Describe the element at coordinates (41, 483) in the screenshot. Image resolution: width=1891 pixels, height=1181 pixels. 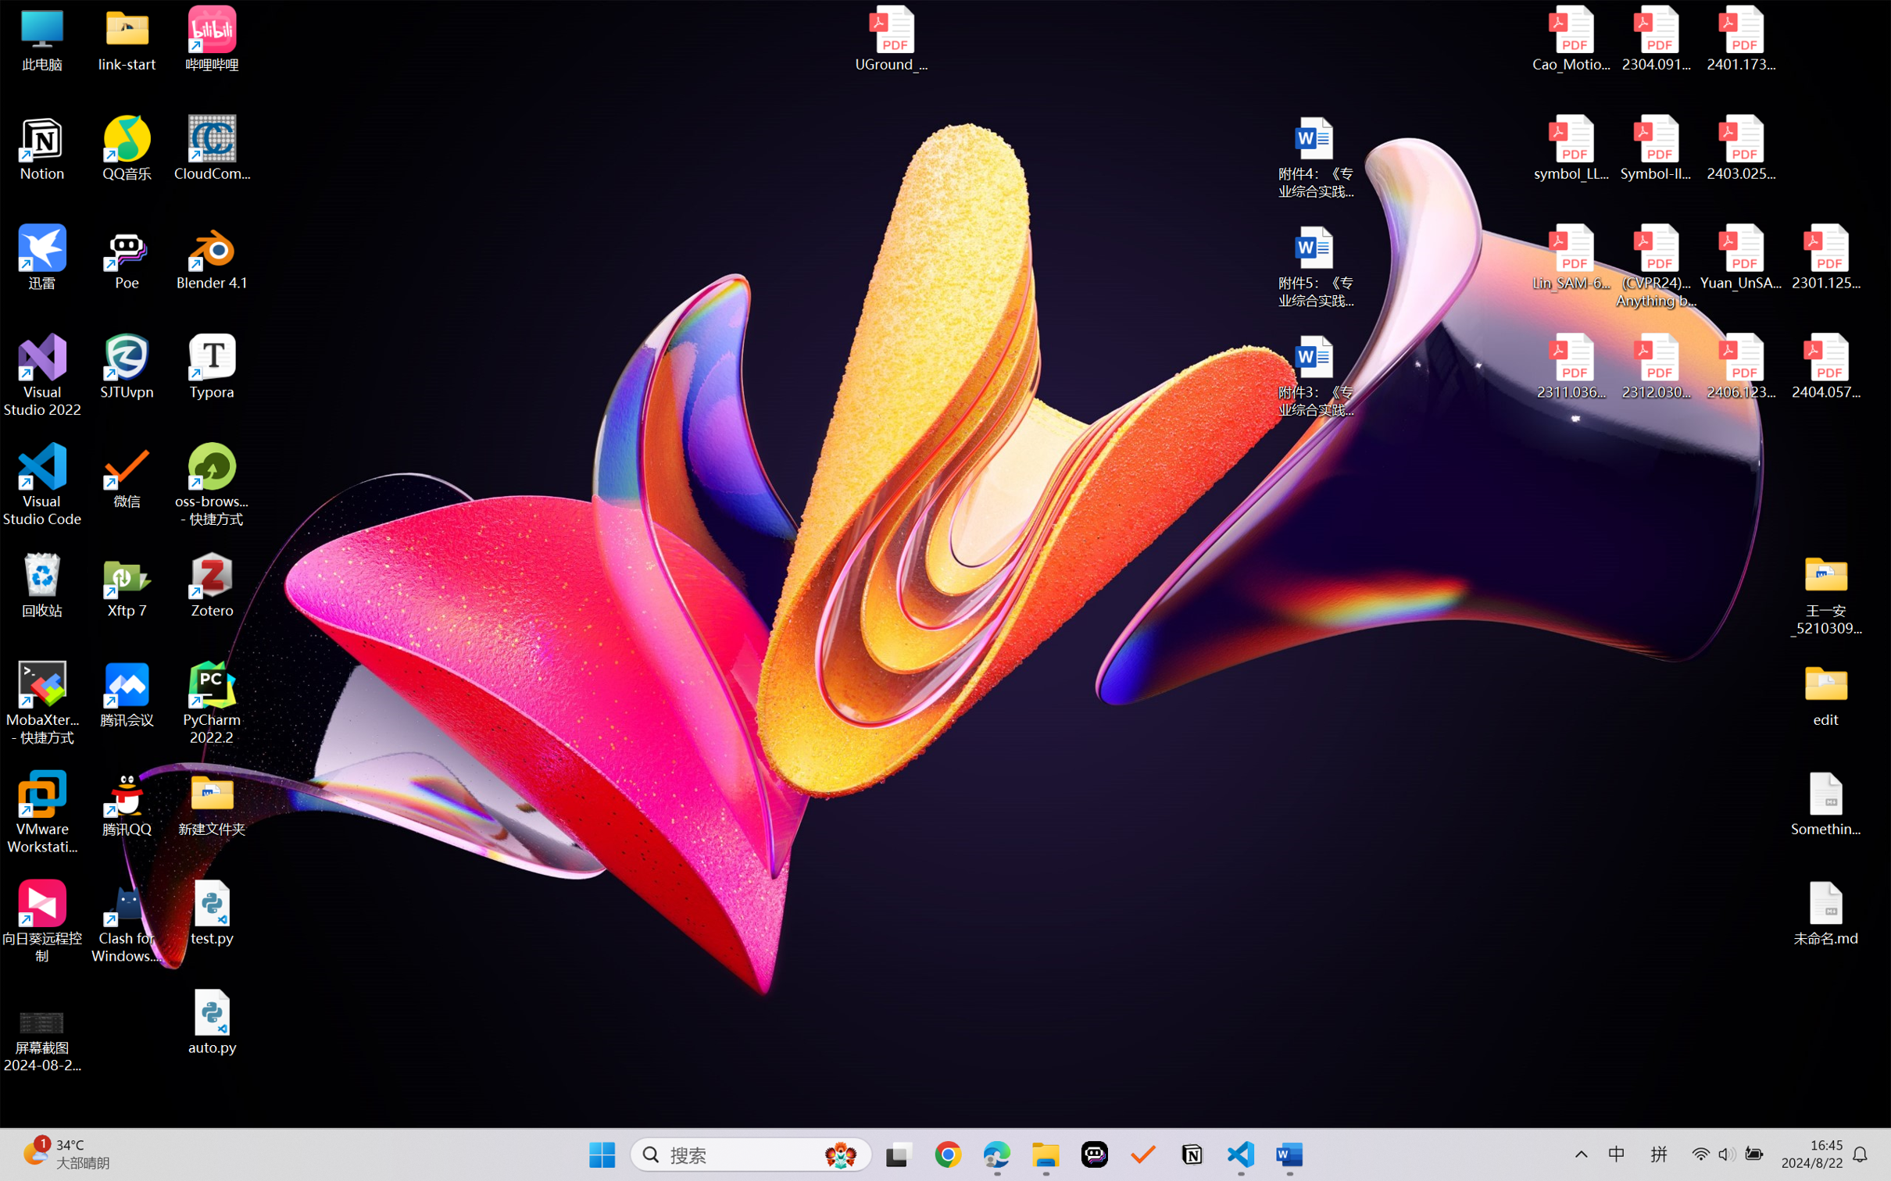
I see `'Visual Studio Code'` at that location.